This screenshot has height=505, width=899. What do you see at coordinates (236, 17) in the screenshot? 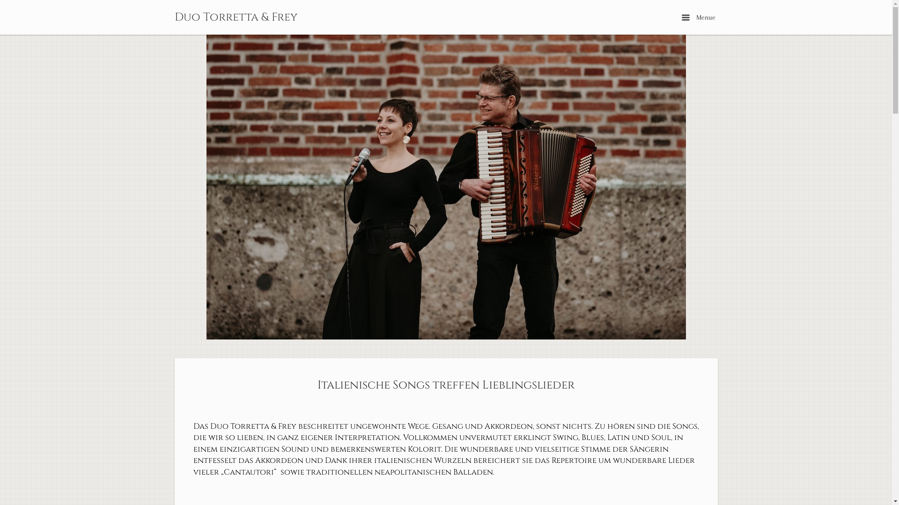
I see `'Duo Torretta & Frey'` at bounding box center [236, 17].